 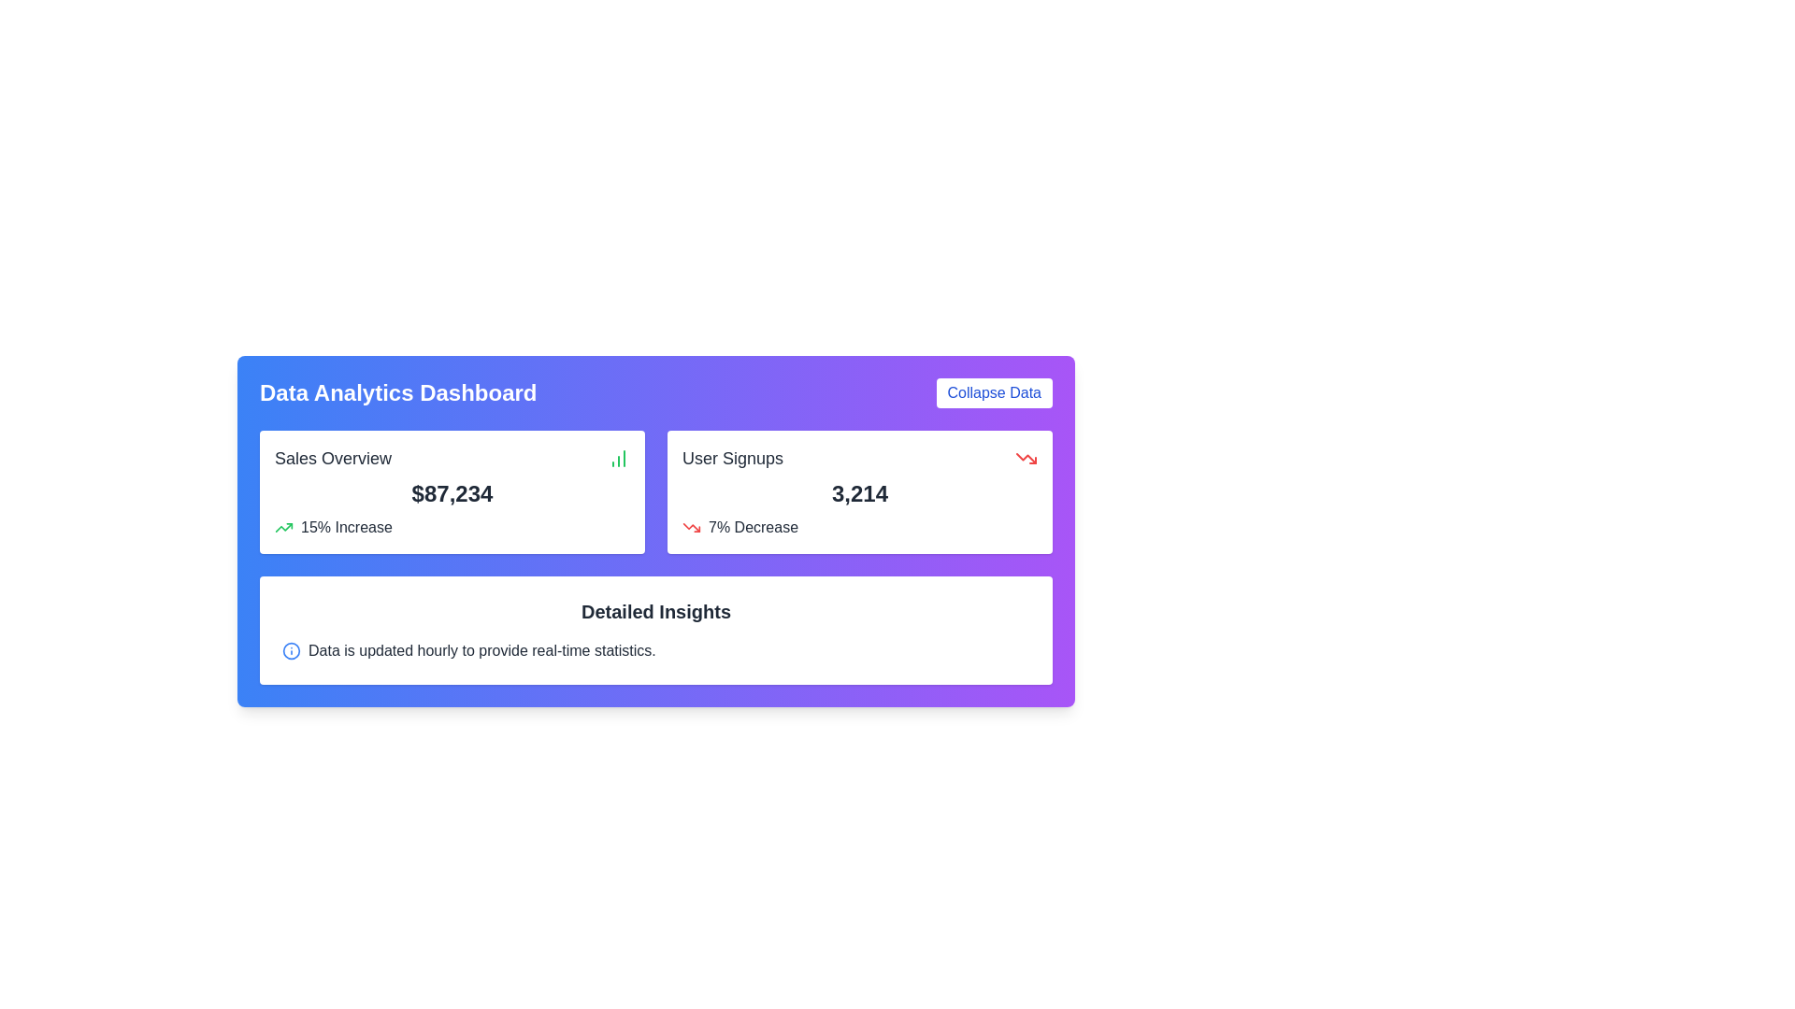 I want to click on the blue SVG Circle icon located in the 'Detailed Insights' section of the dashboard, which is positioned to the left of the text 'Data is updated hourly to provide real-time statistics.', so click(x=291, y=650).